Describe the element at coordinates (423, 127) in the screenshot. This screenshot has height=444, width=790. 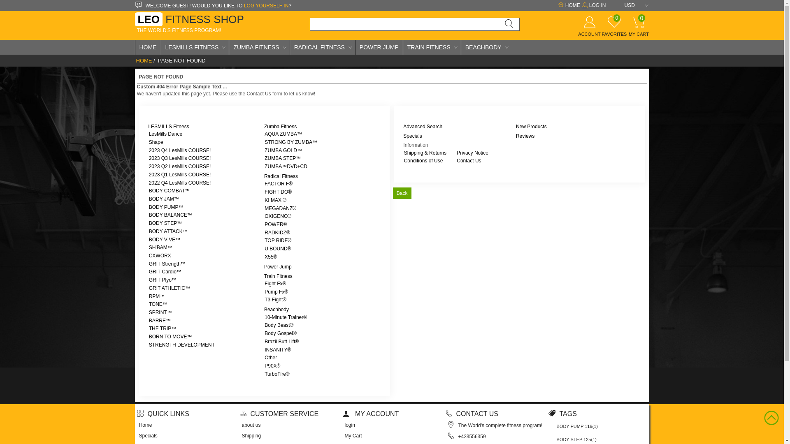
I see `'Advanced Search'` at that location.